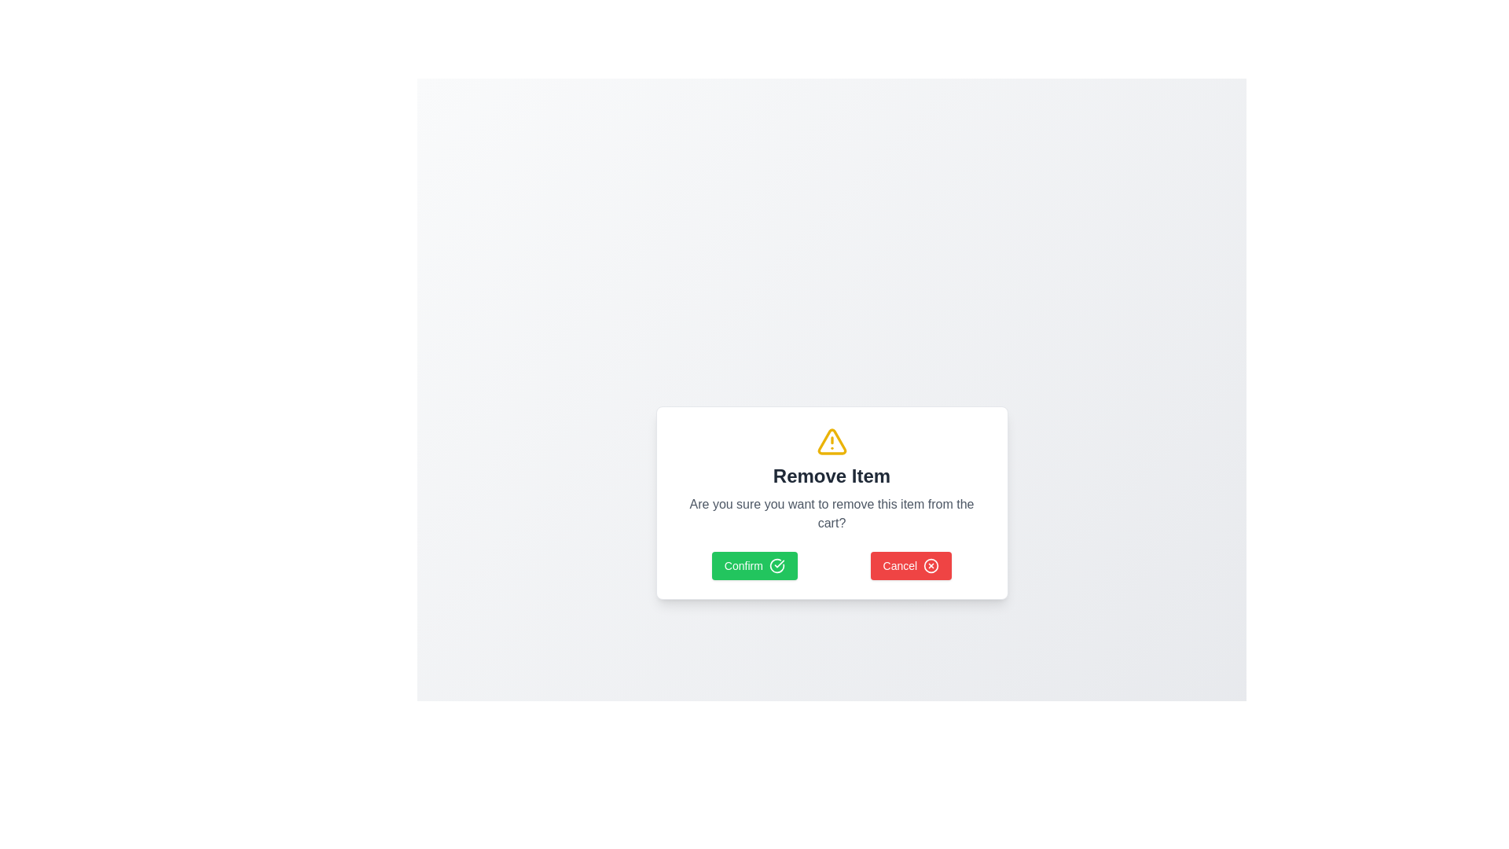  What do you see at coordinates (777, 566) in the screenshot?
I see `the 'Confirm' button which contains the SVG-based confirmation icon to approve the action` at bounding box center [777, 566].